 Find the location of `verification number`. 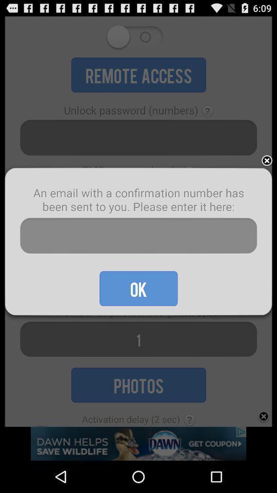

verification number is located at coordinates (138, 236).